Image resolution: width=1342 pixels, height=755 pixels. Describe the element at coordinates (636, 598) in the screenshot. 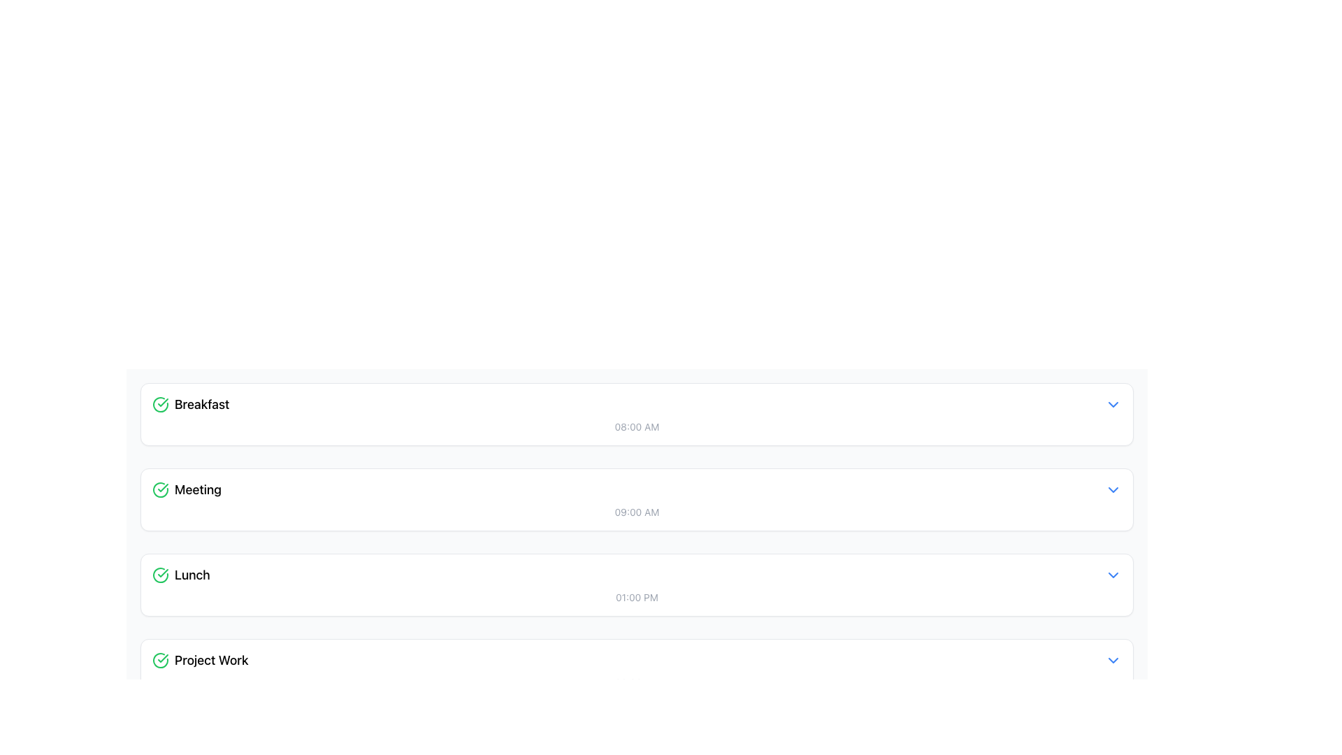

I see `the text label displaying '01:00 PM' in gray color, located at the bottom right corner of the 'Lunch' item in the list` at that location.